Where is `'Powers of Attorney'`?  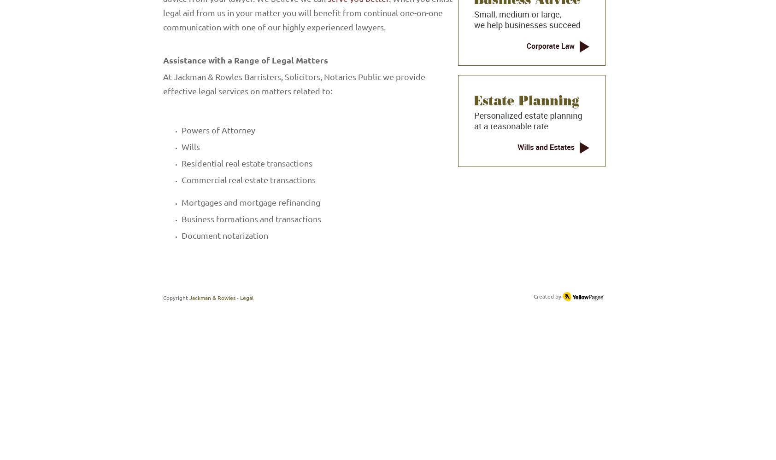 'Powers of Attorney' is located at coordinates (182, 130).